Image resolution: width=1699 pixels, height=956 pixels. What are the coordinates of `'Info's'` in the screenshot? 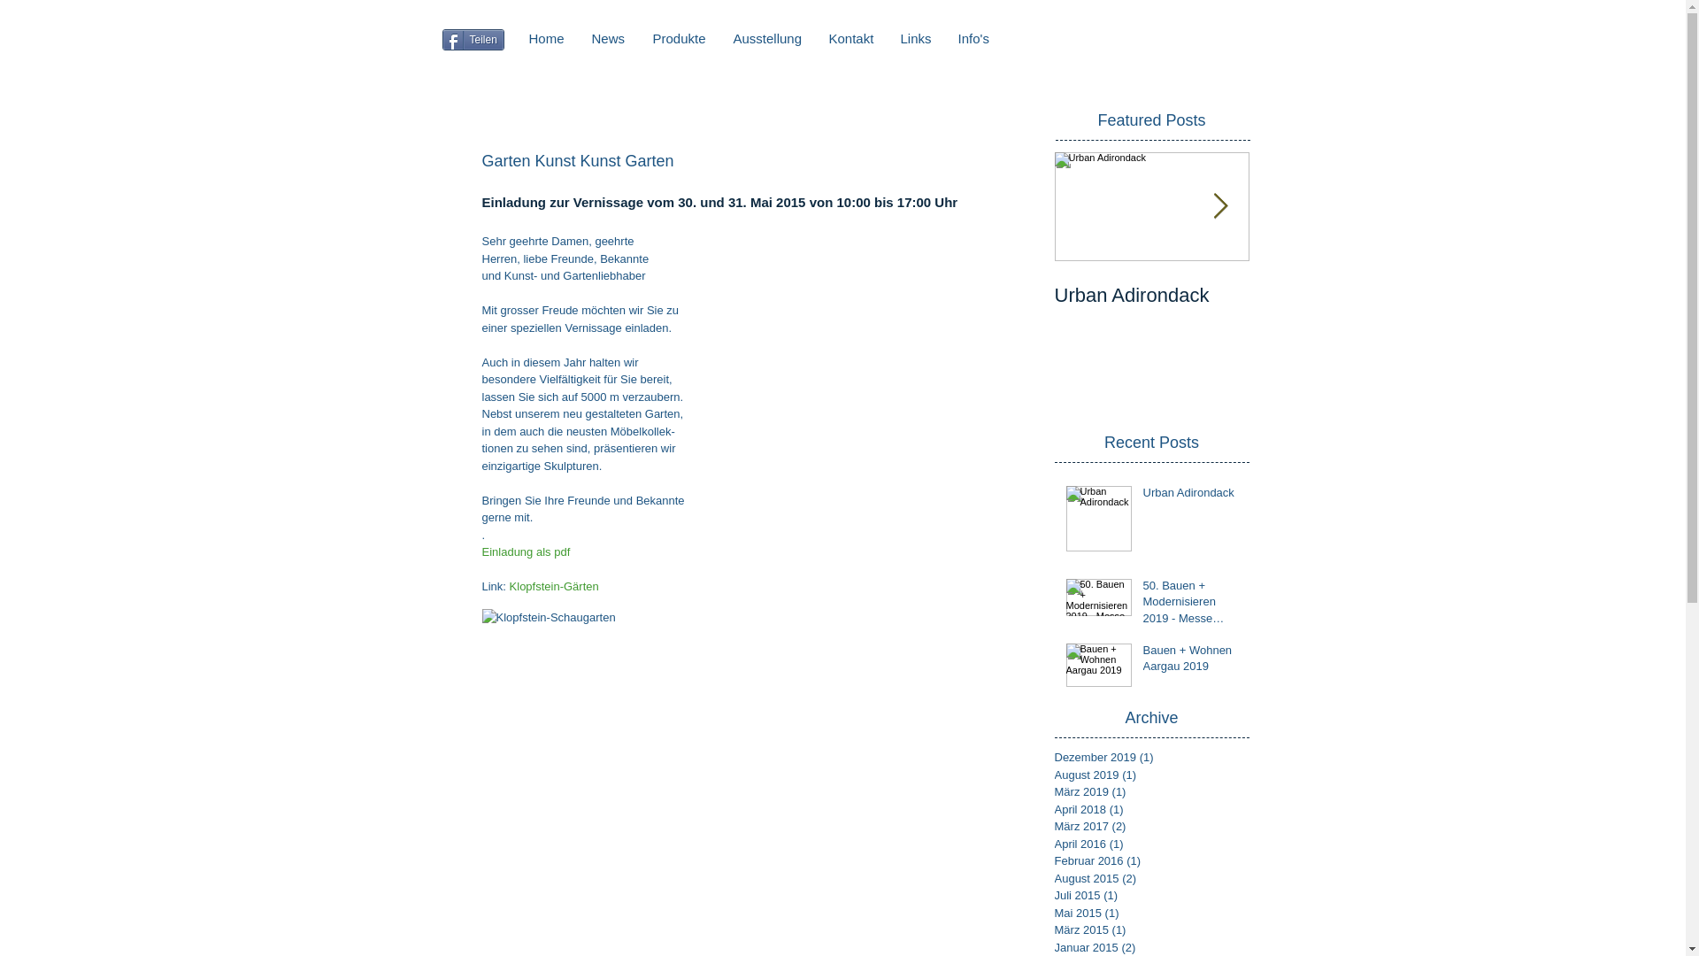 It's located at (973, 37).